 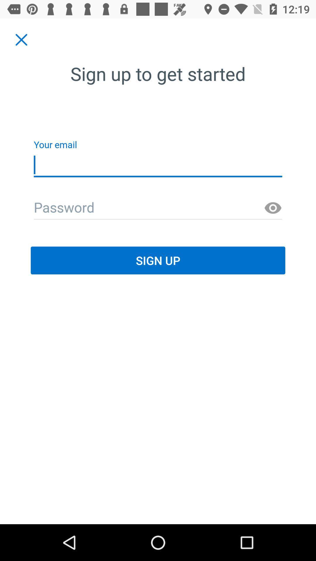 I want to click on the close icon, so click(x=21, y=39).